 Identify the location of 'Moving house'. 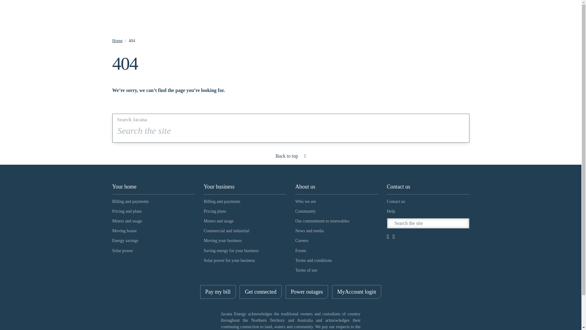
(112, 232).